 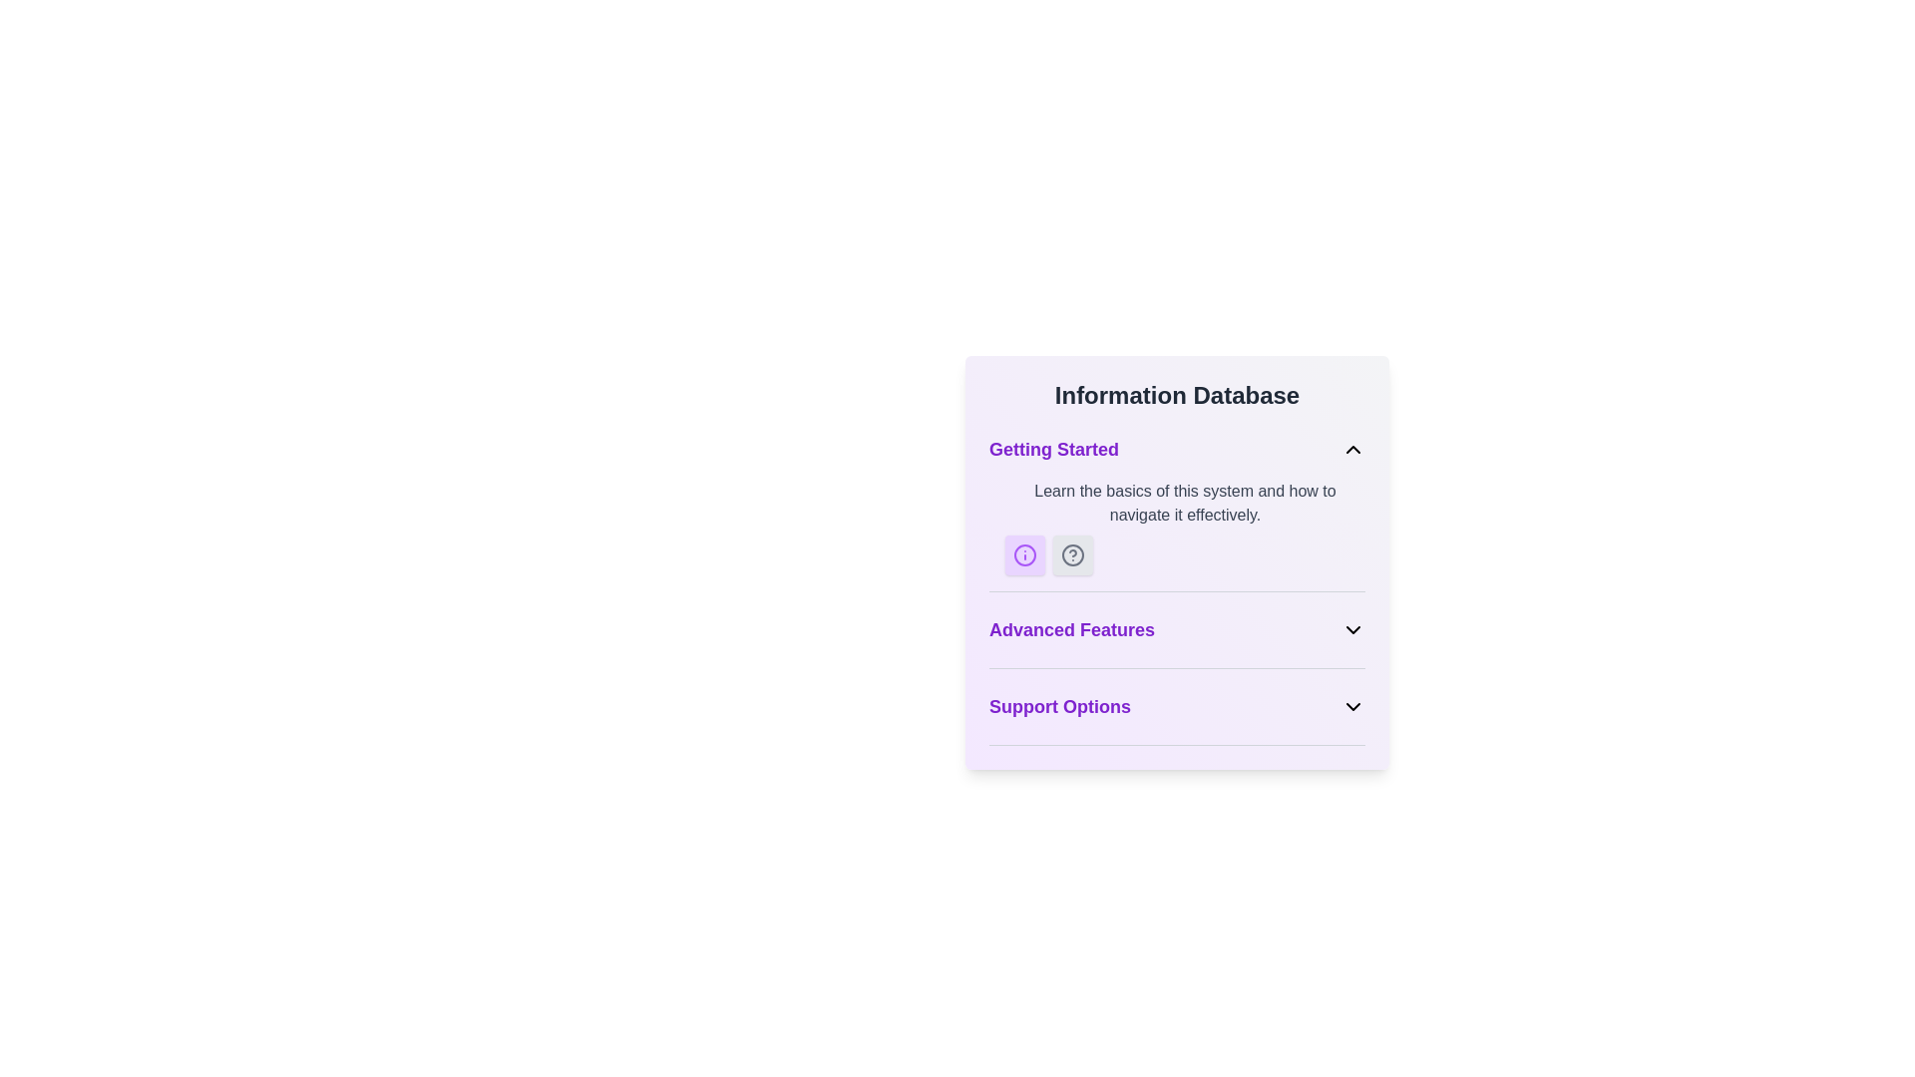 What do you see at coordinates (1071, 630) in the screenshot?
I see `the 'Advanced Features' text label element, which is bold and purple, located in the 'Information Database' panel between 'Getting Started' and 'Support Options'` at bounding box center [1071, 630].